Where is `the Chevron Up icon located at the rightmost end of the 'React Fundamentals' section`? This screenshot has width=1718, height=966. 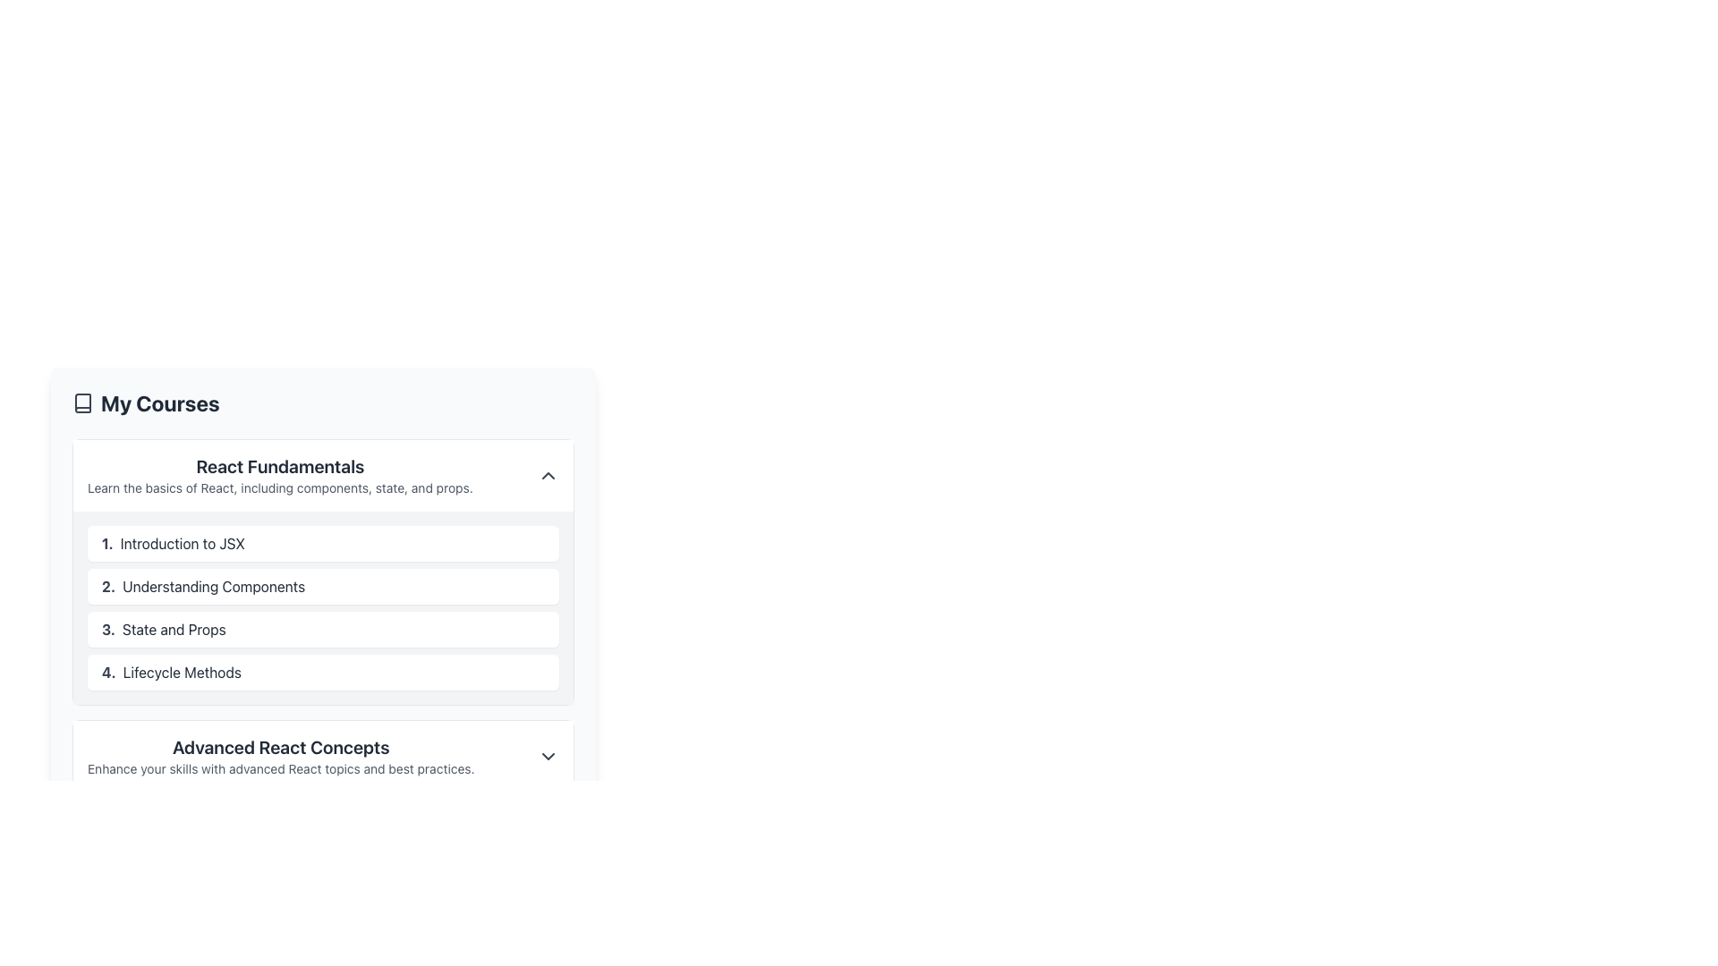 the Chevron Up icon located at the rightmost end of the 'React Fundamentals' section is located at coordinates (548, 475).